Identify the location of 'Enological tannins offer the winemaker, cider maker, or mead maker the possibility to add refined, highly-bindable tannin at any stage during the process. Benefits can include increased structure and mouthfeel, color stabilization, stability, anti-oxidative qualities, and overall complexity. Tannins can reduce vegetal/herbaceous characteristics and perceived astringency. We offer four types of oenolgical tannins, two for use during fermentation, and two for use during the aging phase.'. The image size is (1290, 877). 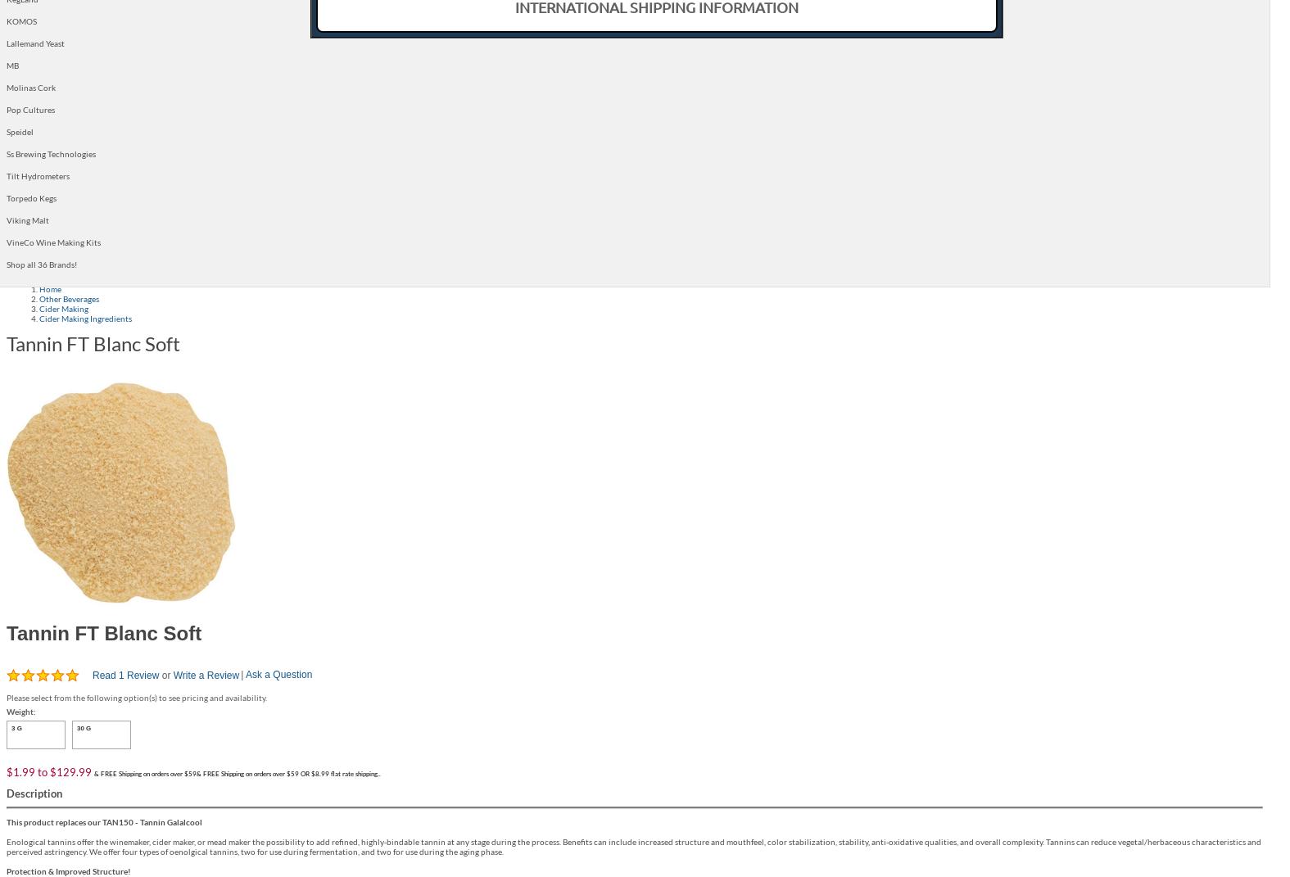
(632, 845).